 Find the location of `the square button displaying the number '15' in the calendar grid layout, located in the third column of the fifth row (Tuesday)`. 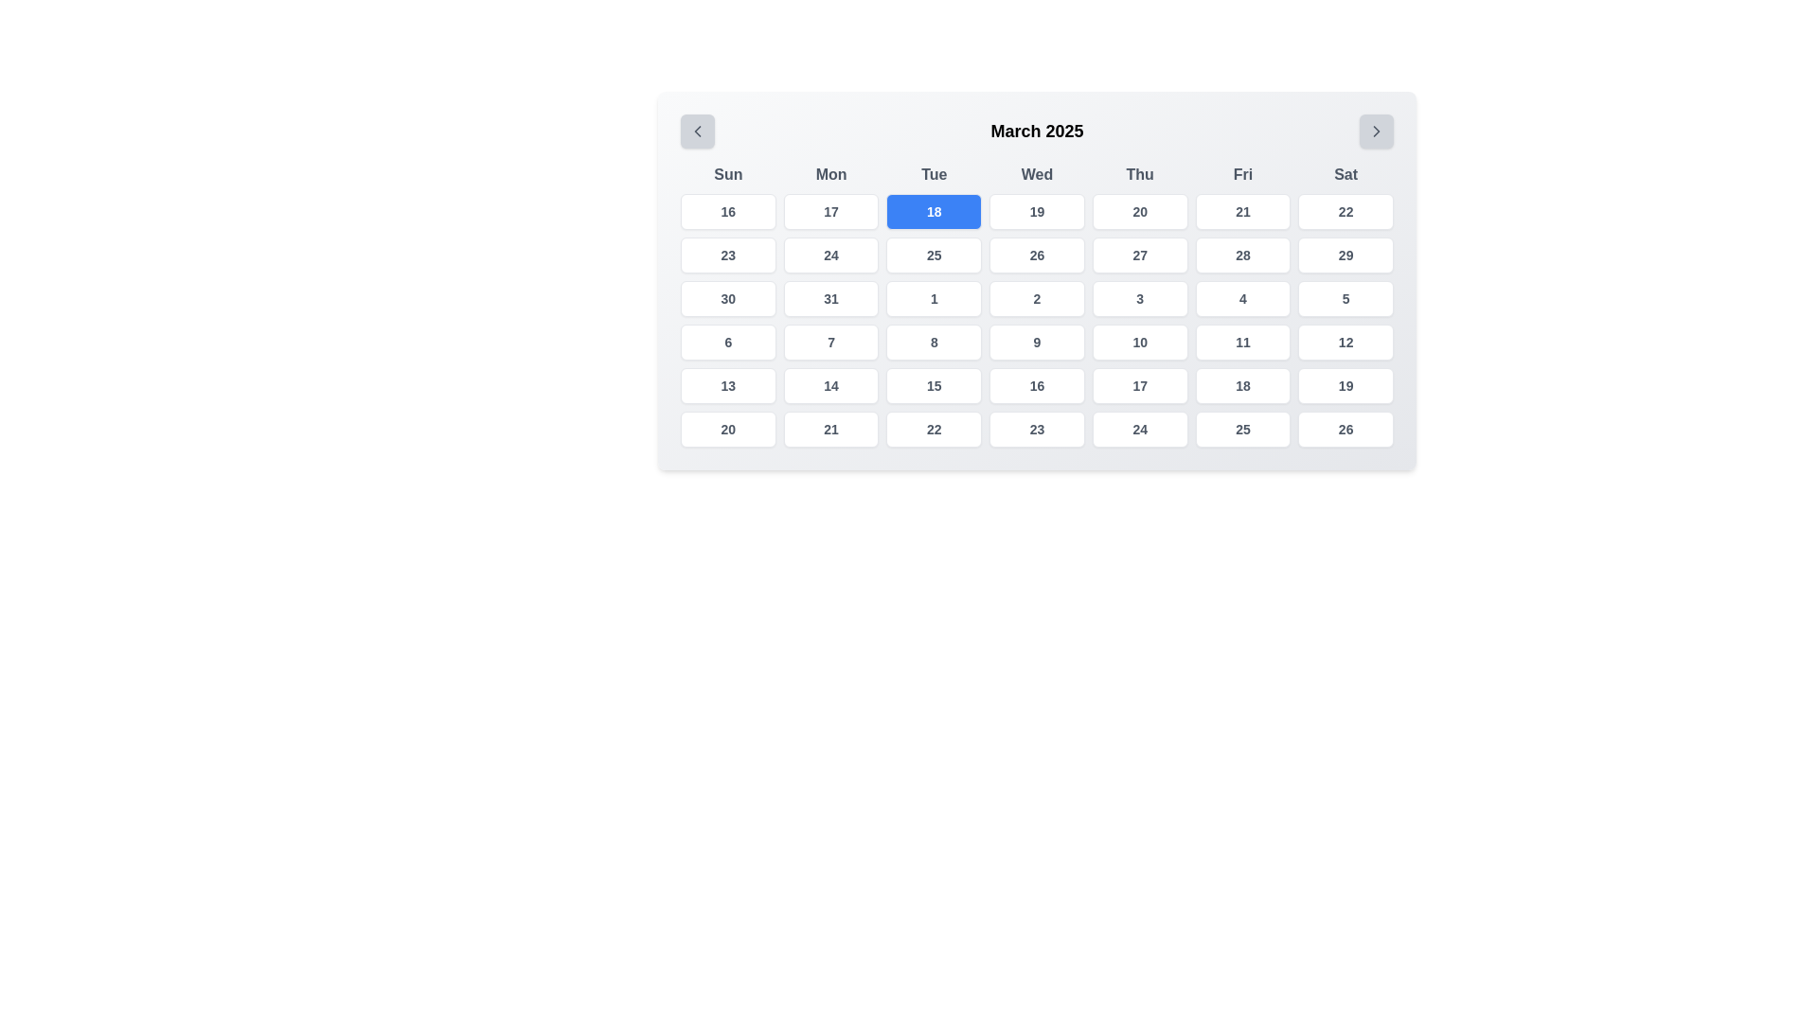

the square button displaying the number '15' in the calendar grid layout, located in the third column of the fifth row (Tuesday) is located at coordinates (934, 385).